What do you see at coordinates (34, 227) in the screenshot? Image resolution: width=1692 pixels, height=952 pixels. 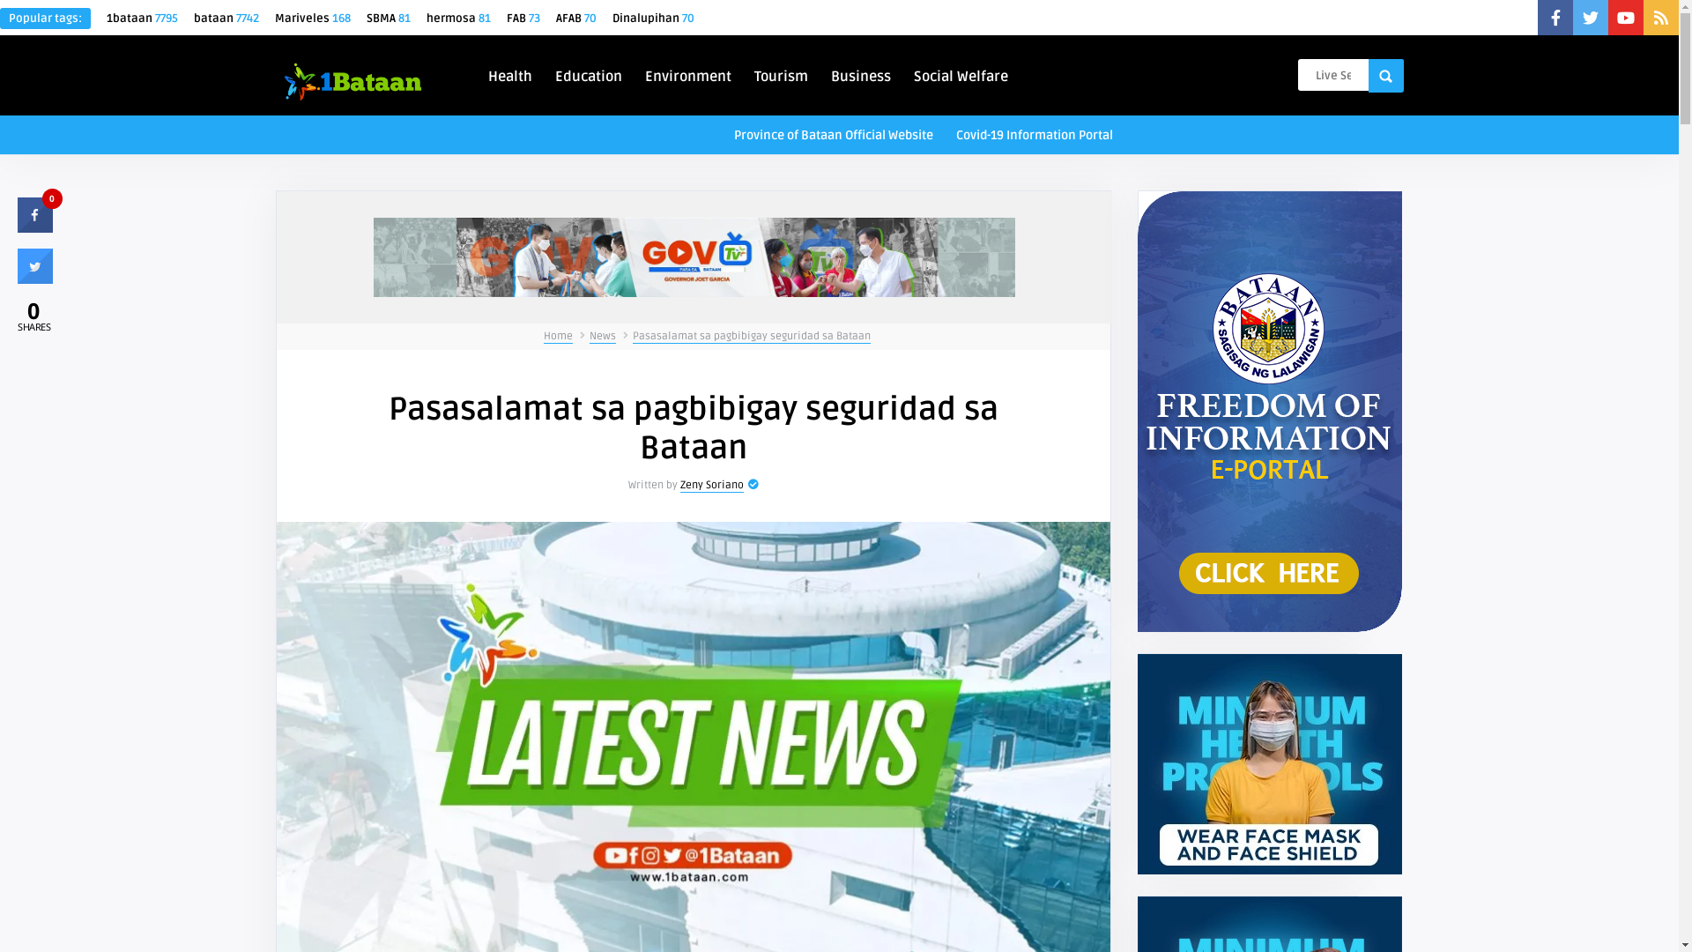 I see `'Share on Facebook'` at bounding box center [34, 227].